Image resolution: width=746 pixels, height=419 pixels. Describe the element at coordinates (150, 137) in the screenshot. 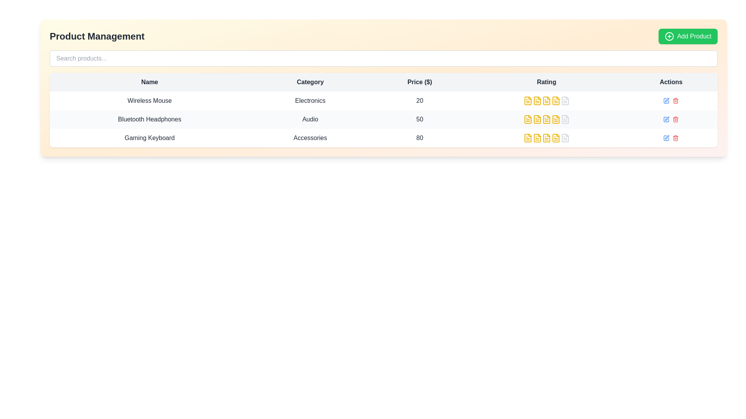

I see `the 'Gaming Keyboard' text element located in the first column of the third row under the 'Name' column in the product list table` at that location.